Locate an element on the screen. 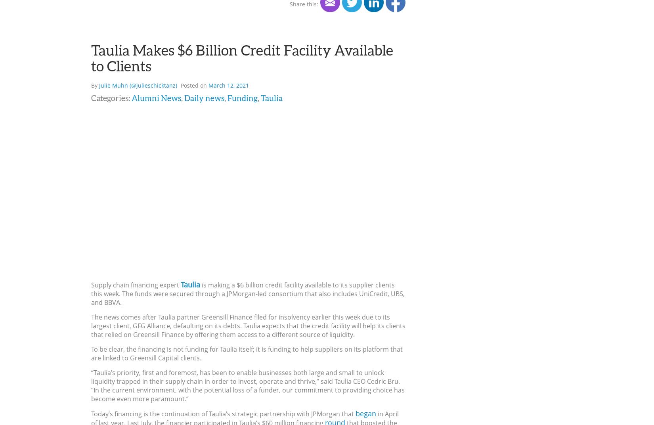  'began' is located at coordinates (355, 413).